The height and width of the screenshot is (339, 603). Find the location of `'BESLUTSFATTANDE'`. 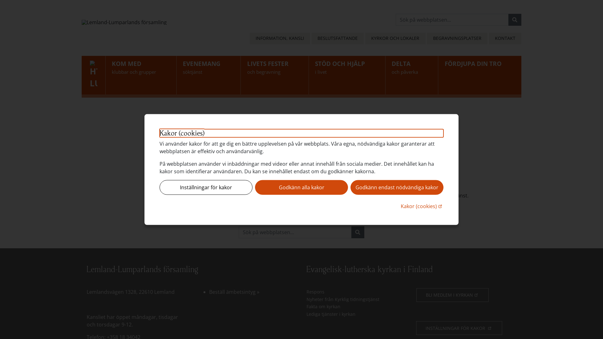

'BESLUTSFATTANDE' is located at coordinates (312, 38).